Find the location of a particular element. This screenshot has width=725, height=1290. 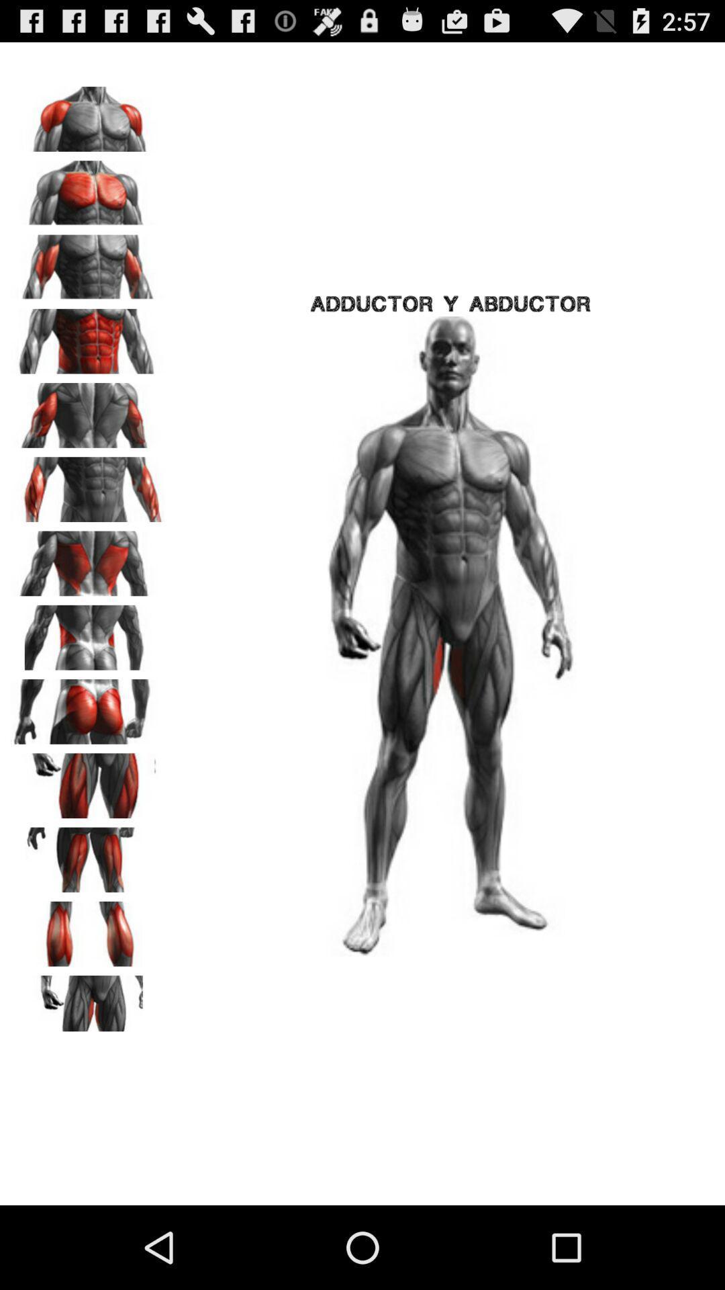

the icon next to the adductor y abductor item is located at coordinates (88, 337).